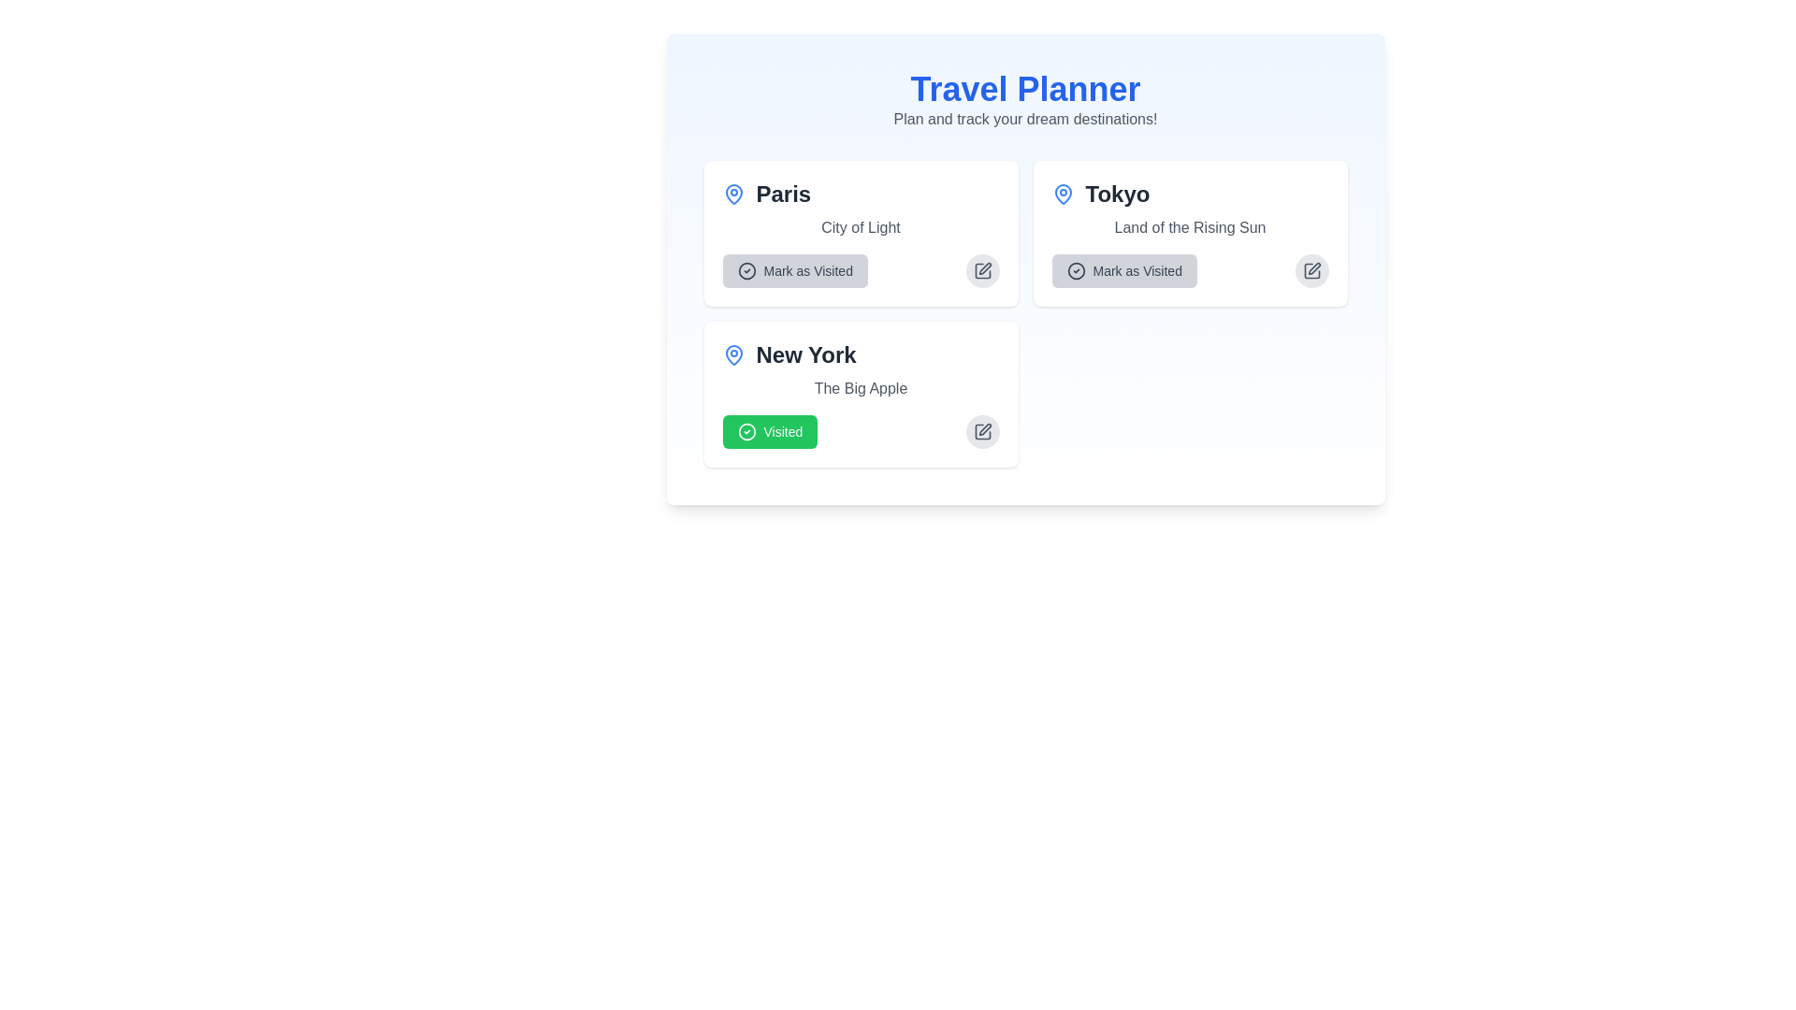 The width and height of the screenshot is (1796, 1010). Describe the element at coordinates (806, 355) in the screenshot. I see `the text element labeled 'New York', which is positioned centrally below the main heading in a travel-related interface` at that location.